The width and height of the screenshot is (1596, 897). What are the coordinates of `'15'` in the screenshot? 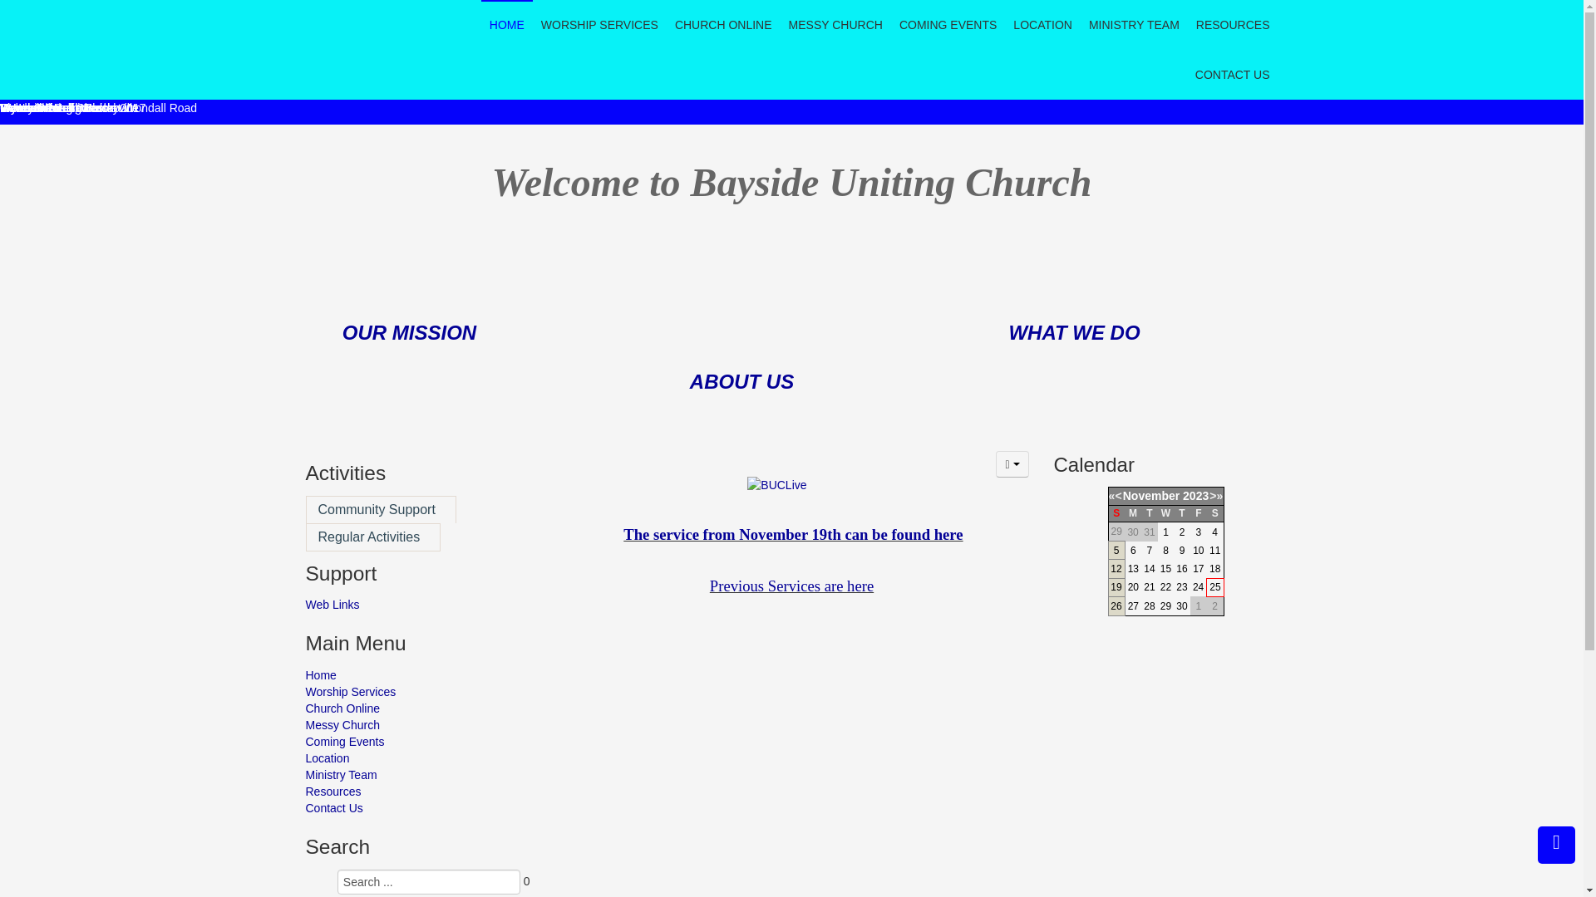 It's located at (1160, 568).